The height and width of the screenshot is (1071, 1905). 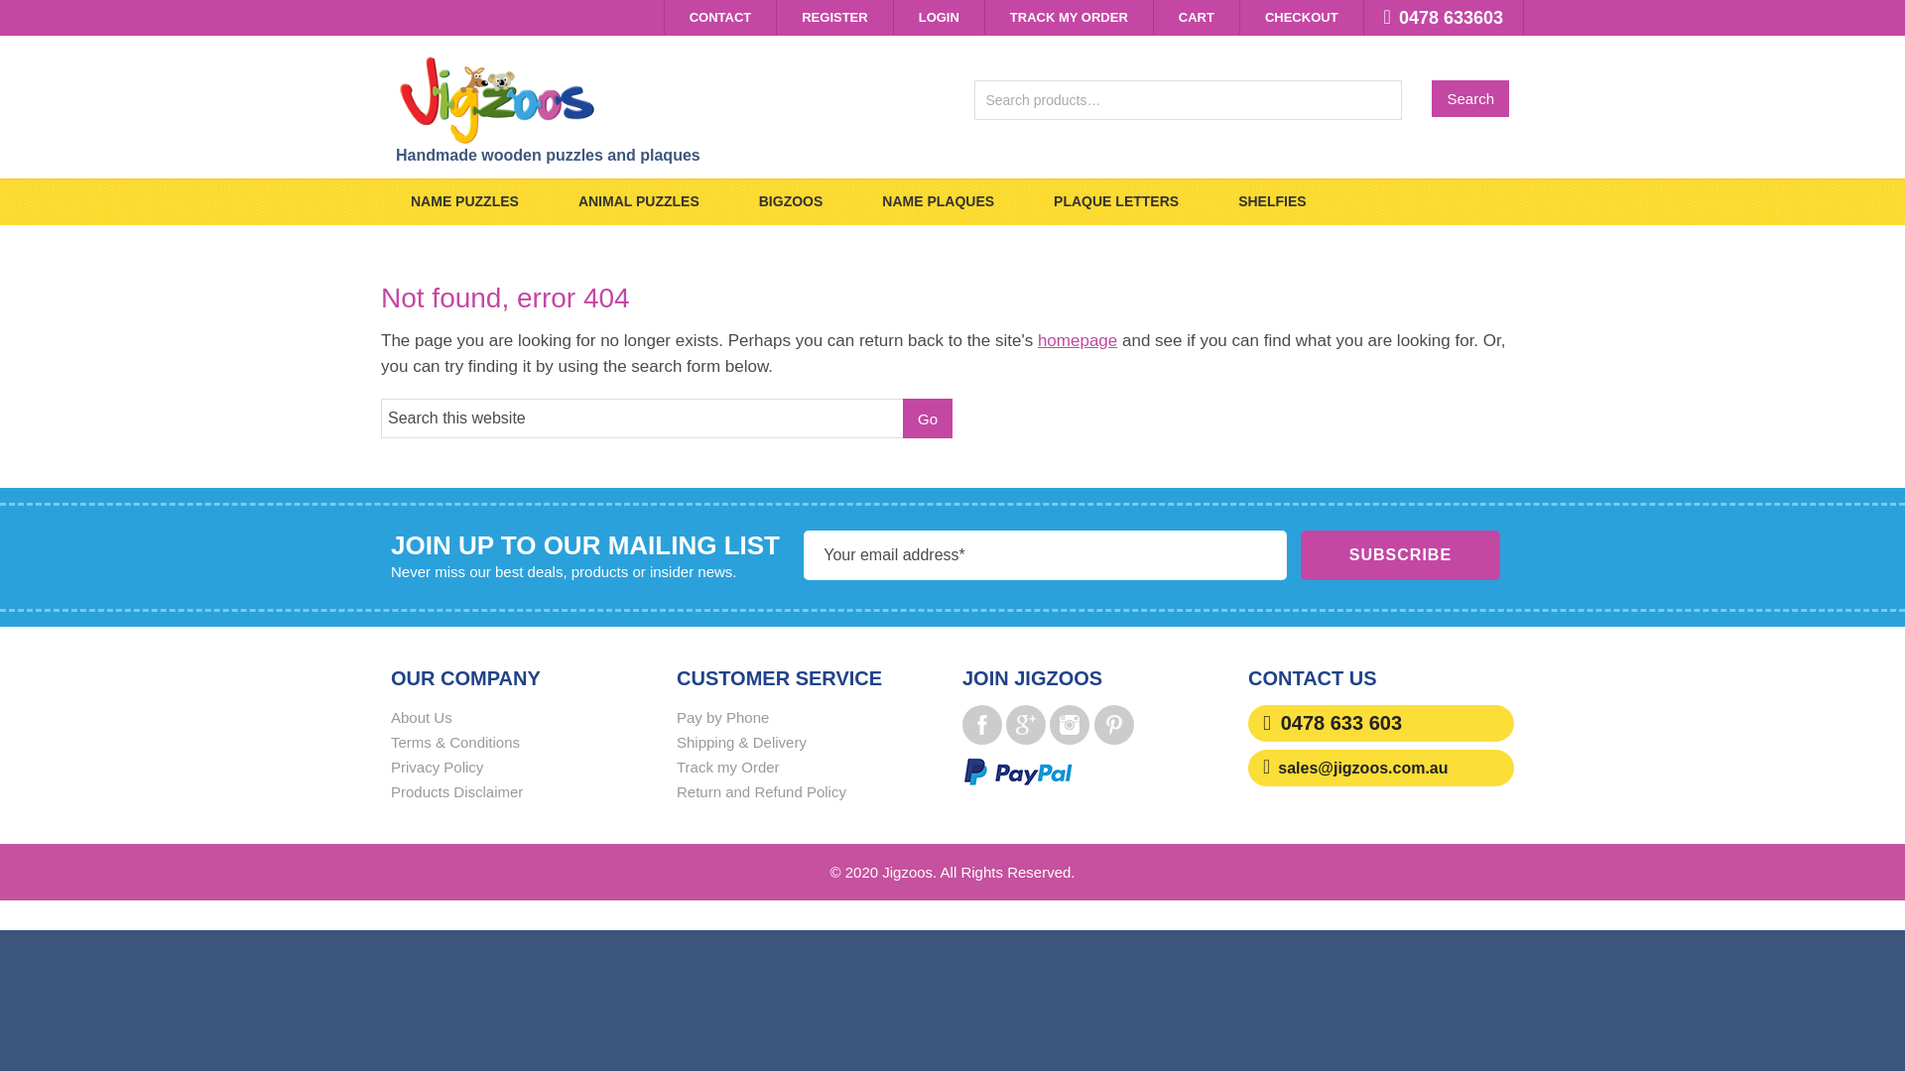 What do you see at coordinates (454, 742) in the screenshot?
I see `'Terms & Conditions'` at bounding box center [454, 742].